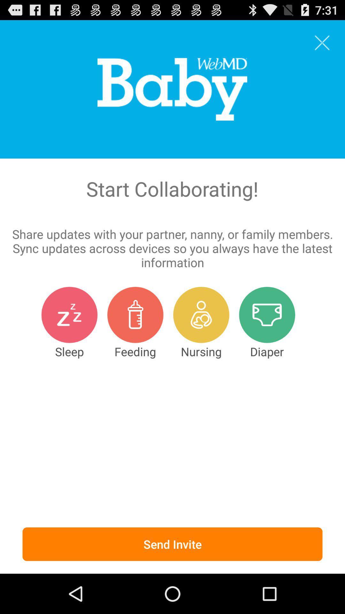  I want to click on icon below the sleep app, so click(172, 544).